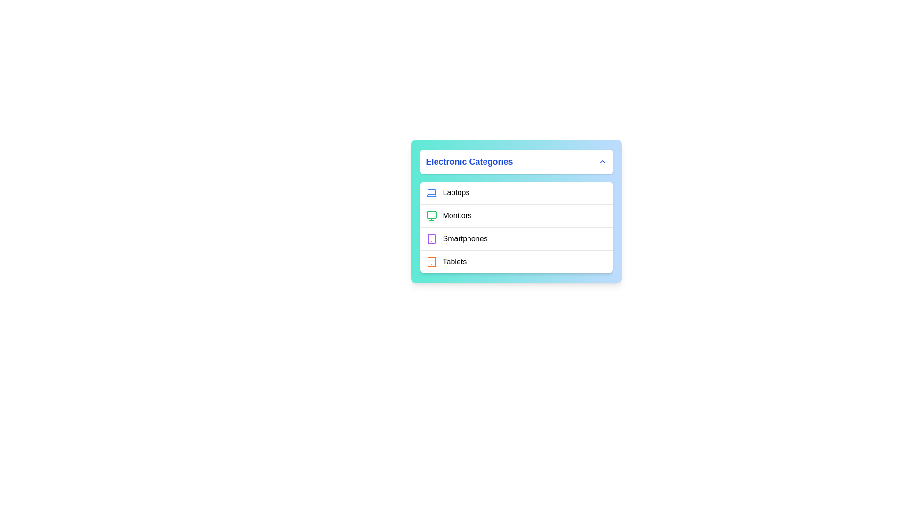 Image resolution: width=904 pixels, height=508 pixels. I want to click on the category by clicking on the green rounded rectangle in the upper-center of the monitor-like SVG icon next to the 'Monitors' text in the 'Electronic Categories' dropdown list, so click(431, 214).